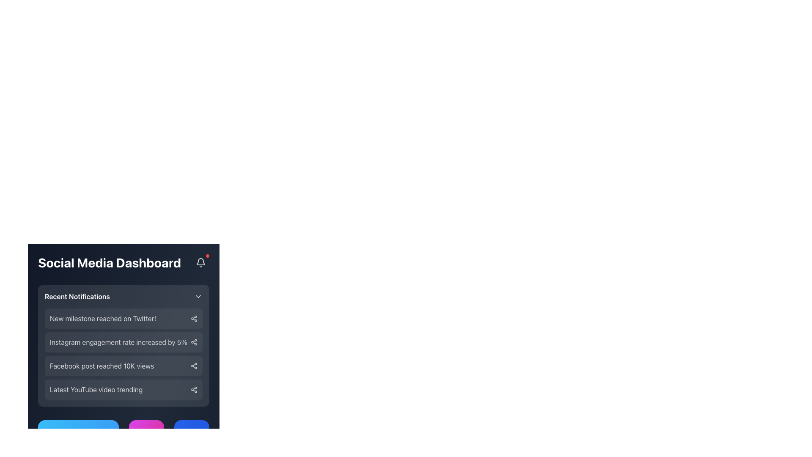 This screenshot has height=457, width=812. What do you see at coordinates (123, 365) in the screenshot?
I see `notification text from the Notification card that states 'Facebook post reached 10K views', which is the third item in the Recent Notifications section` at bounding box center [123, 365].